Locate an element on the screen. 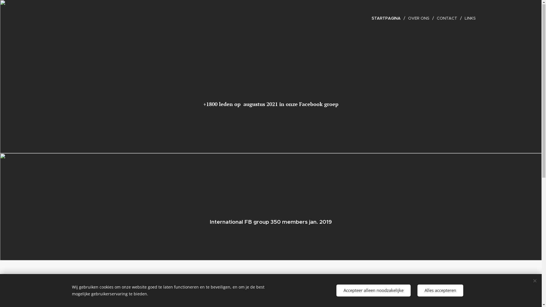 This screenshot has height=307, width=546. 'Accepteer alleen noodzakelijke' is located at coordinates (336, 291).